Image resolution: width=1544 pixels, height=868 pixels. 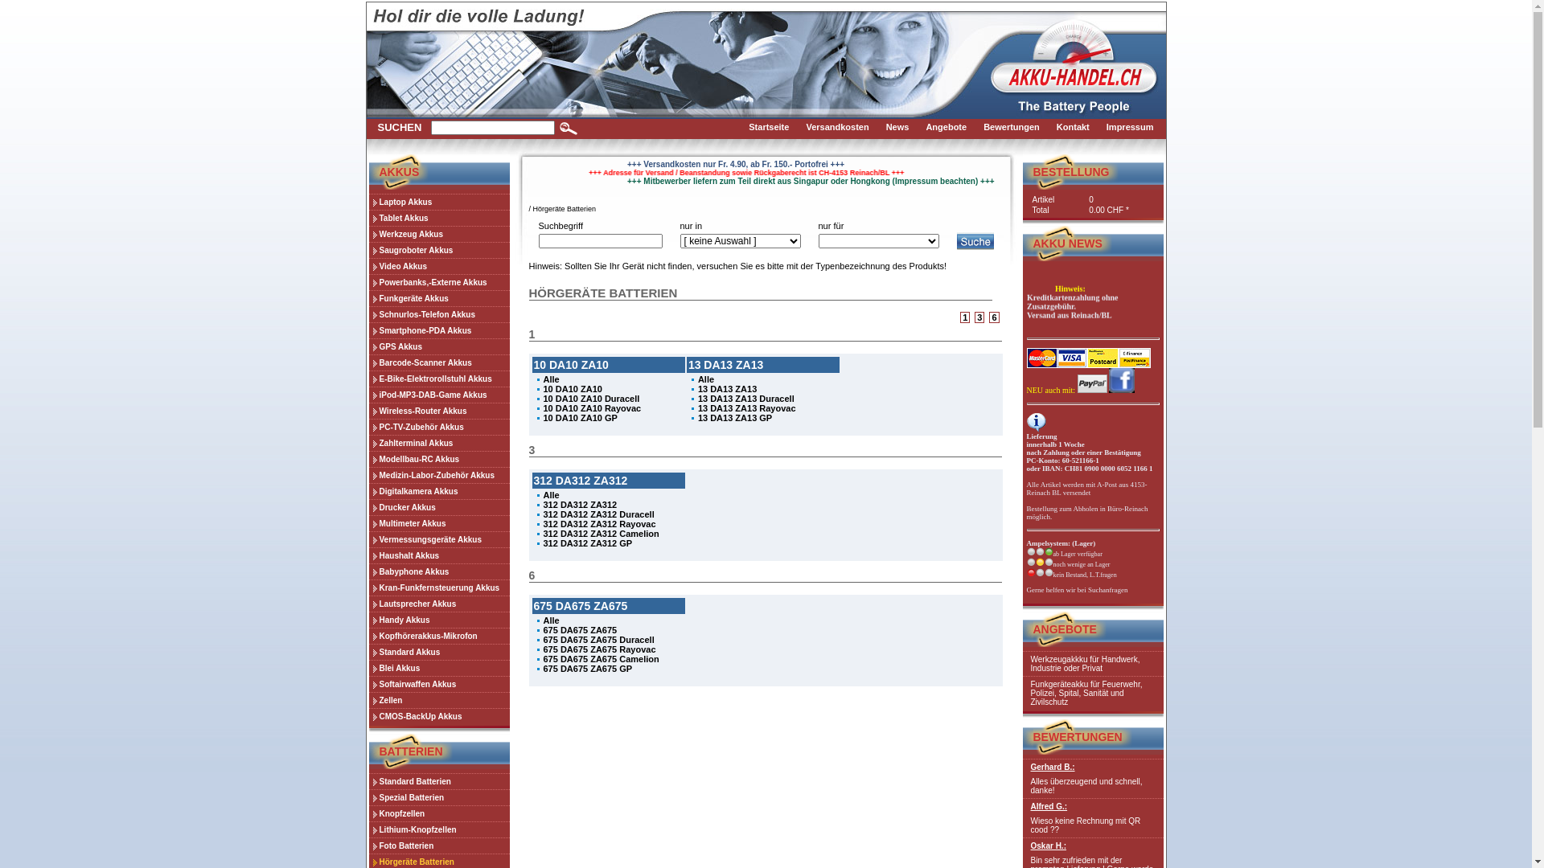 I want to click on 'Standard Batterien', so click(x=438, y=780).